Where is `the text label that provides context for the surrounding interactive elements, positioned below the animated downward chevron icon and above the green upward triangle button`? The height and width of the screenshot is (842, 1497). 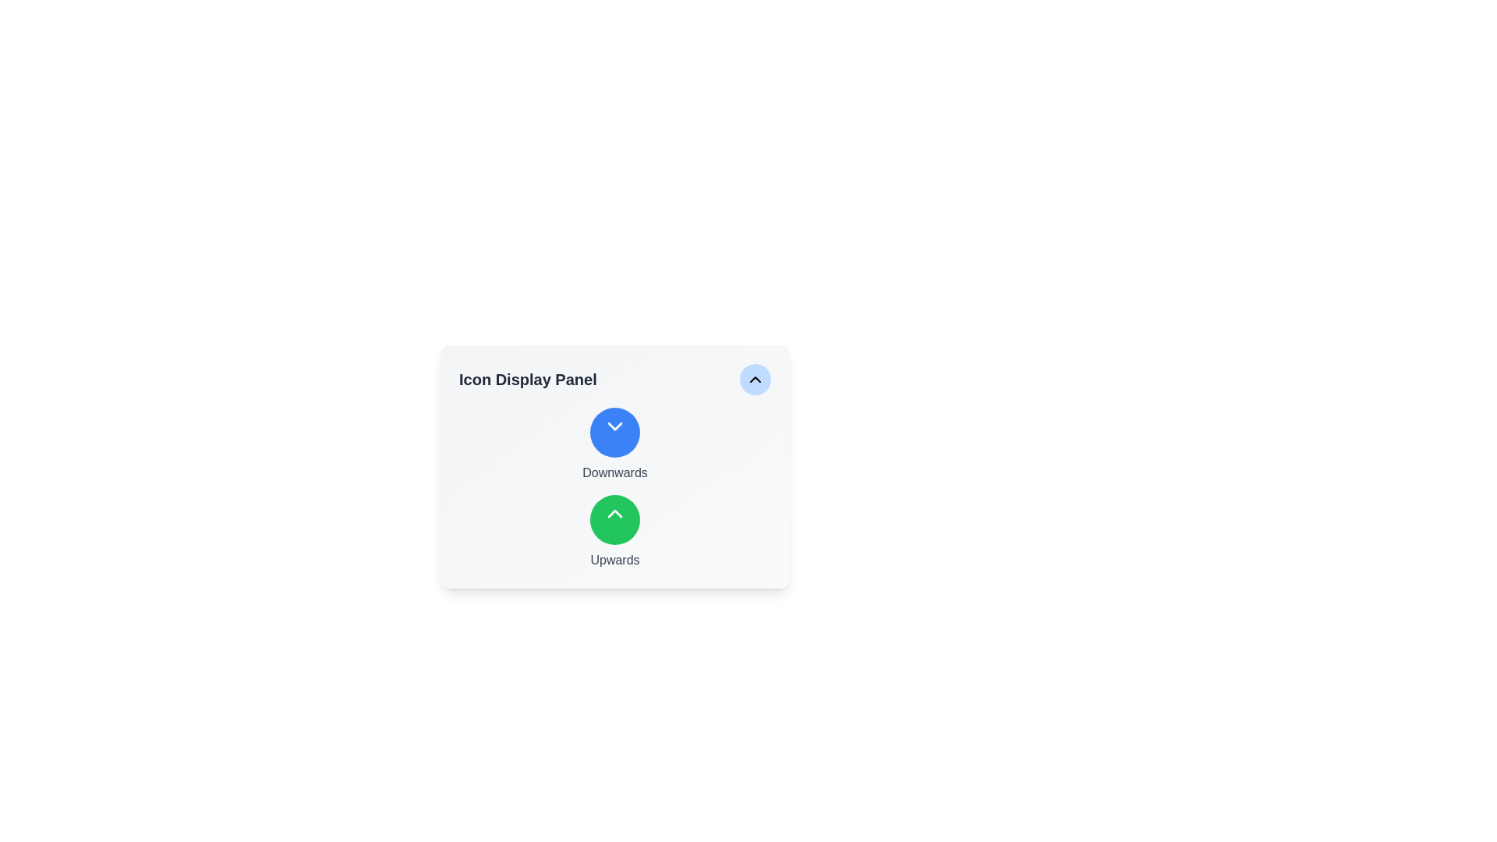 the text label that provides context for the surrounding interactive elements, positioned below the animated downward chevron icon and above the green upward triangle button is located at coordinates (614, 472).